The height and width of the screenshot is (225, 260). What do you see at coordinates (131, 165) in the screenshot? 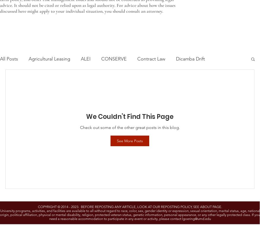
I see `'Debt Relief'` at bounding box center [131, 165].